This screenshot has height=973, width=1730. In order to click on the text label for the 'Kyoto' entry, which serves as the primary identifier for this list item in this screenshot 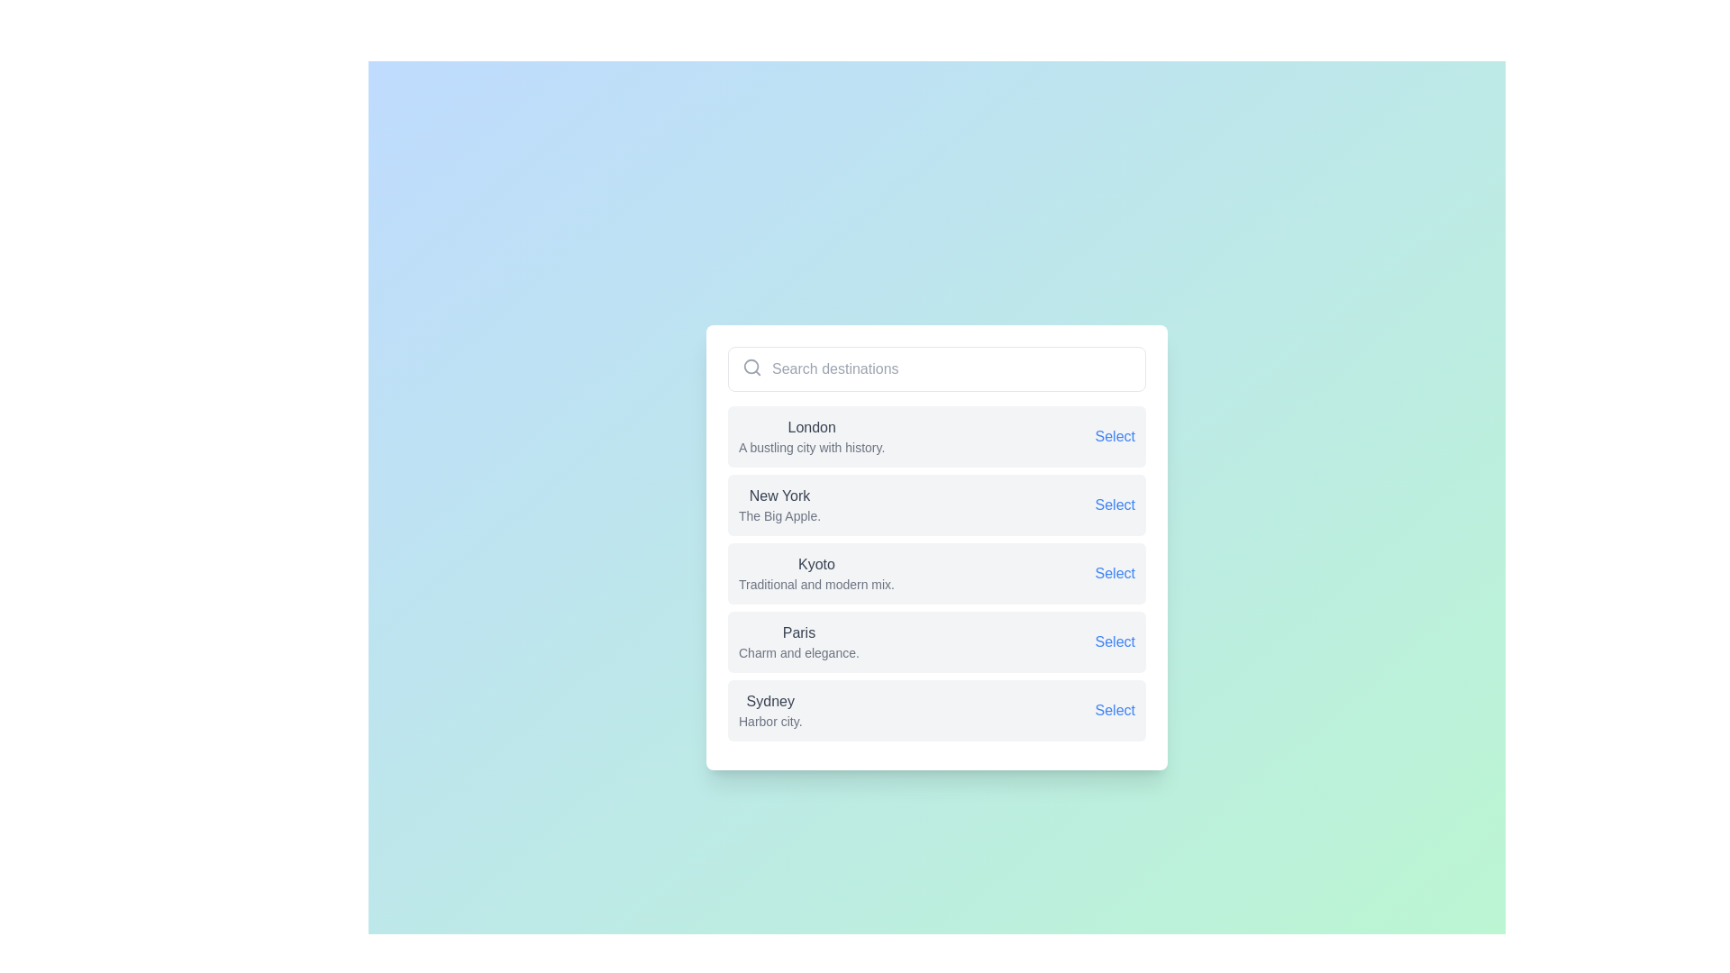, I will do `click(815, 564)`.